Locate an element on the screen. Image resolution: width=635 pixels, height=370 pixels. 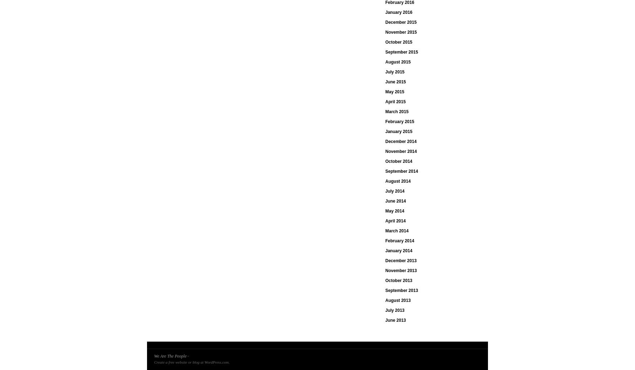
'January 2015' is located at coordinates (398, 131).